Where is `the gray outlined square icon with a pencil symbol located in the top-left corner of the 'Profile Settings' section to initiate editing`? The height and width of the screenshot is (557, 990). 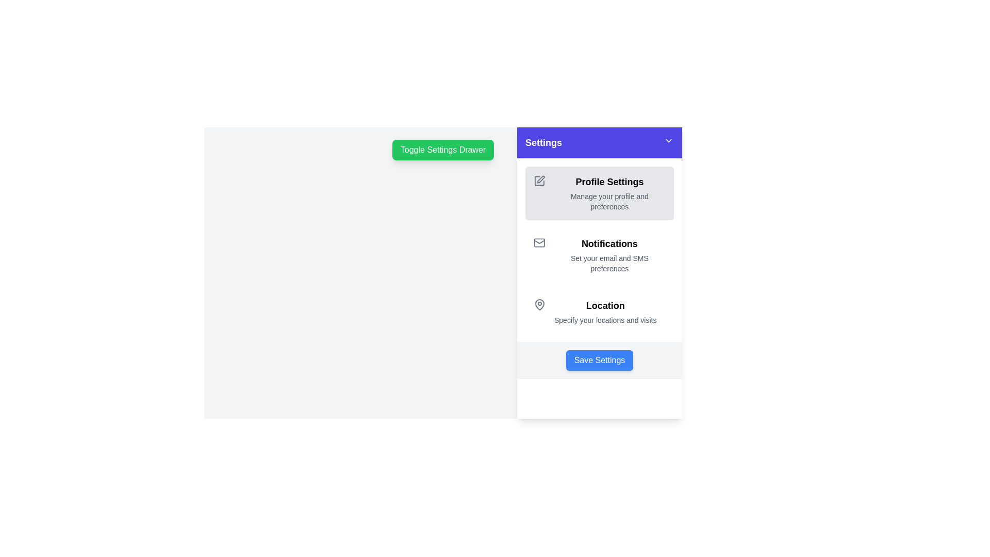
the gray outlined square icon with a pencil symbol located in the top-left corner of the 'Profile Settings' section to initiate editing is located at coordinates (539, 181).